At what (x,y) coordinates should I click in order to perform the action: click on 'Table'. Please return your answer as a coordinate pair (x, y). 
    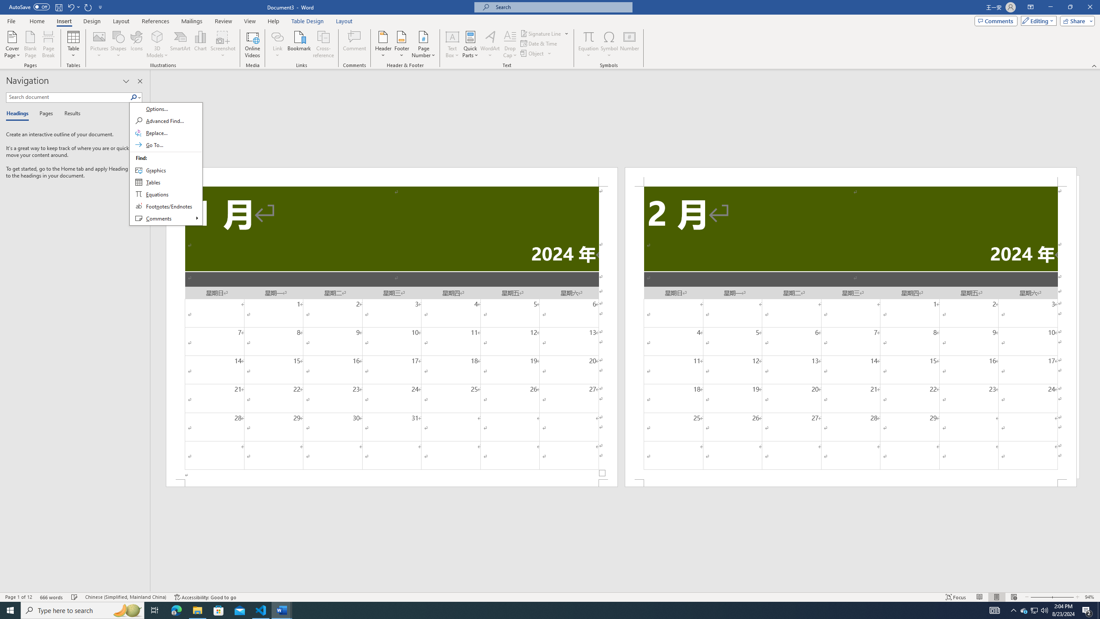
    Looking at the image, I should click on (73, 44).